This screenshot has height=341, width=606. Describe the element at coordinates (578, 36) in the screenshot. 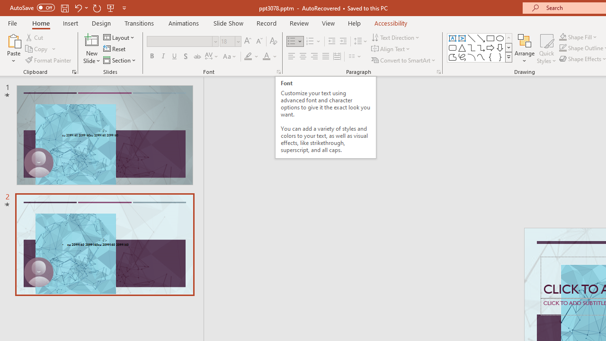

I see `'Shape Fill'` at that location.